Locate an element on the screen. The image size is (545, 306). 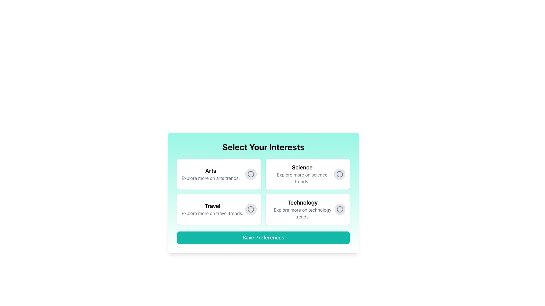
the radio button located on the right side of the title 'Travel' in the lower-left card of the grid layout is located at coordinates (250, 209).